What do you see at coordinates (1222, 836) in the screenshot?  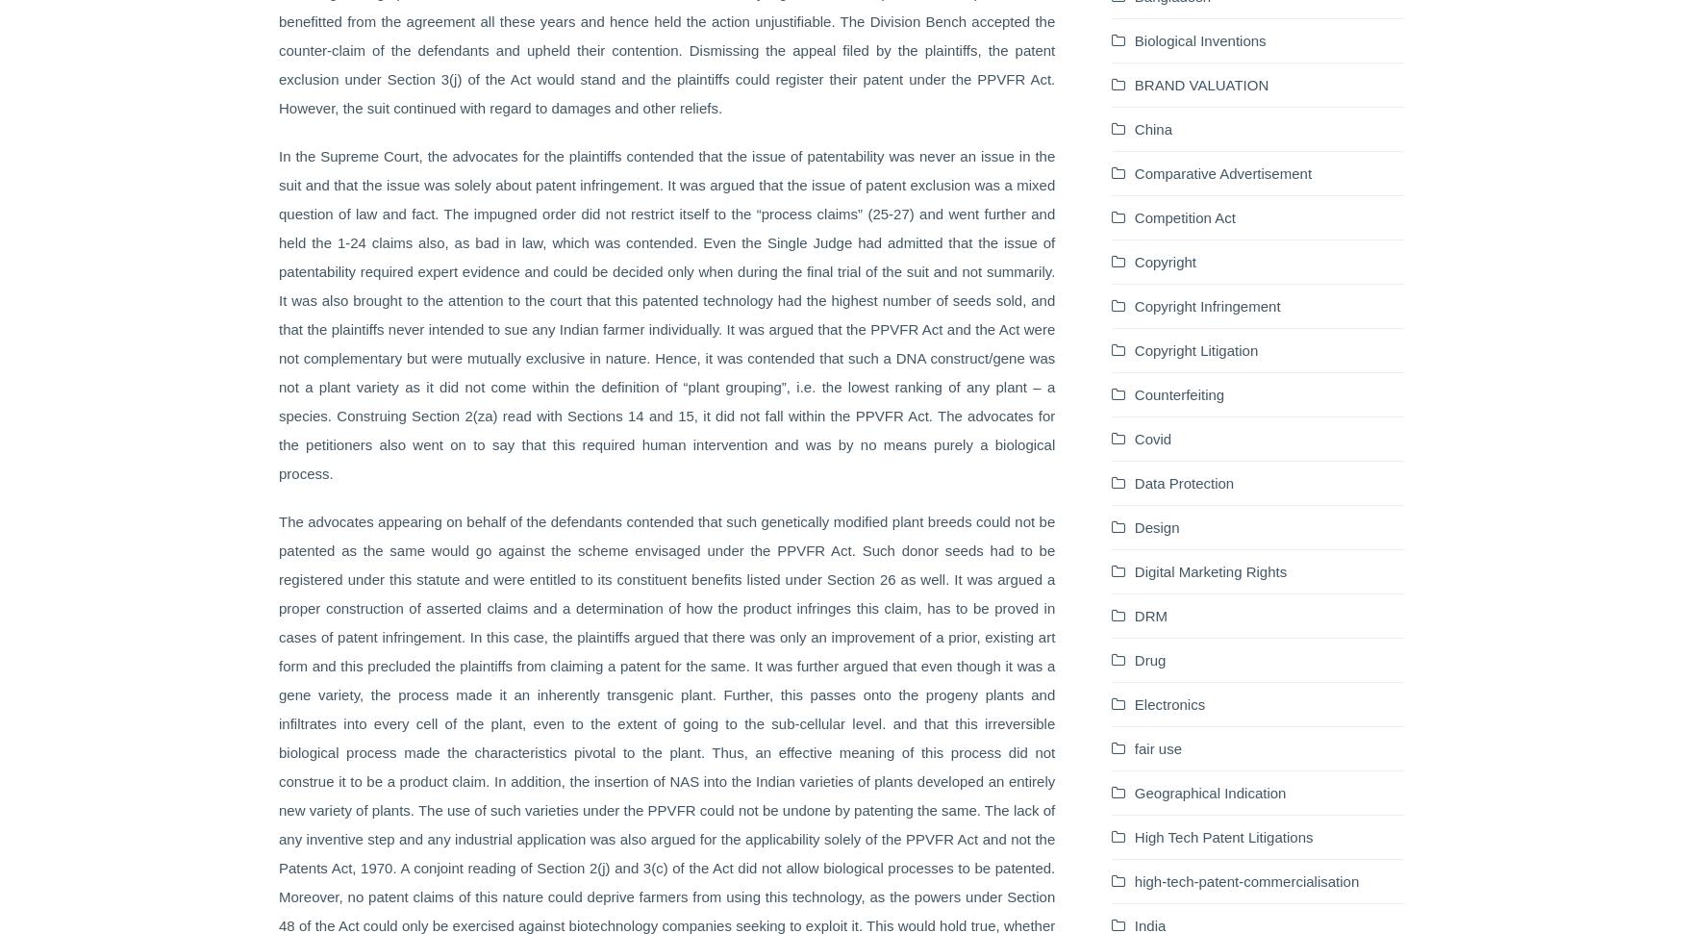 I see `'High Tech Patent Litigations'` at bounding box center [1222, 836].